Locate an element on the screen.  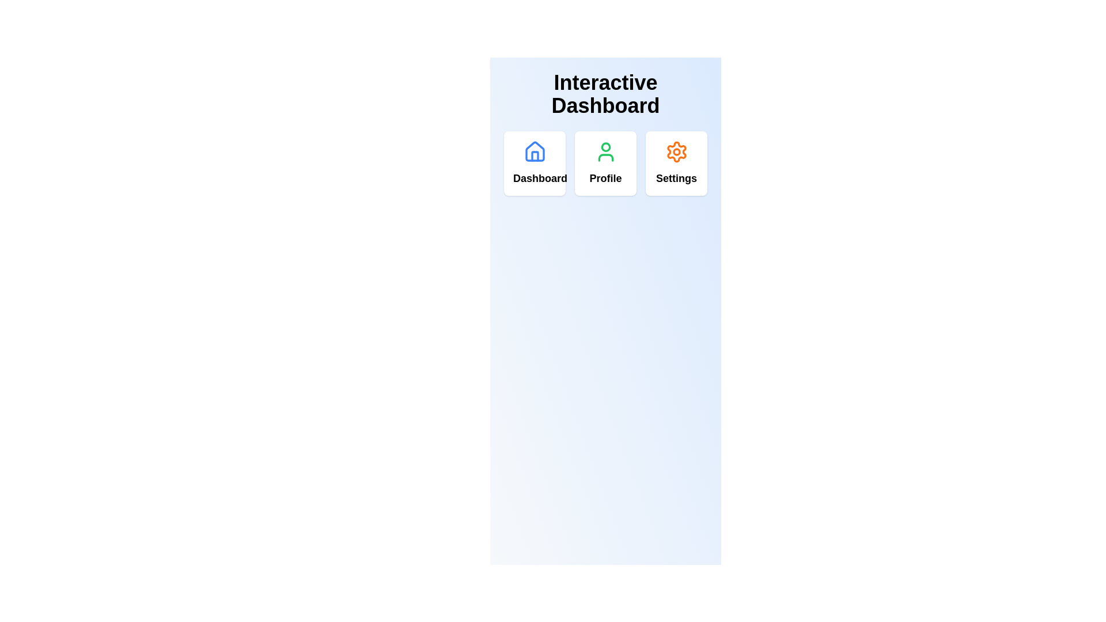
the small circular shape located at the top portion of the Profile icon within the second button of the top row in the Interactive Dashboard is located at coordinates (605, 146).